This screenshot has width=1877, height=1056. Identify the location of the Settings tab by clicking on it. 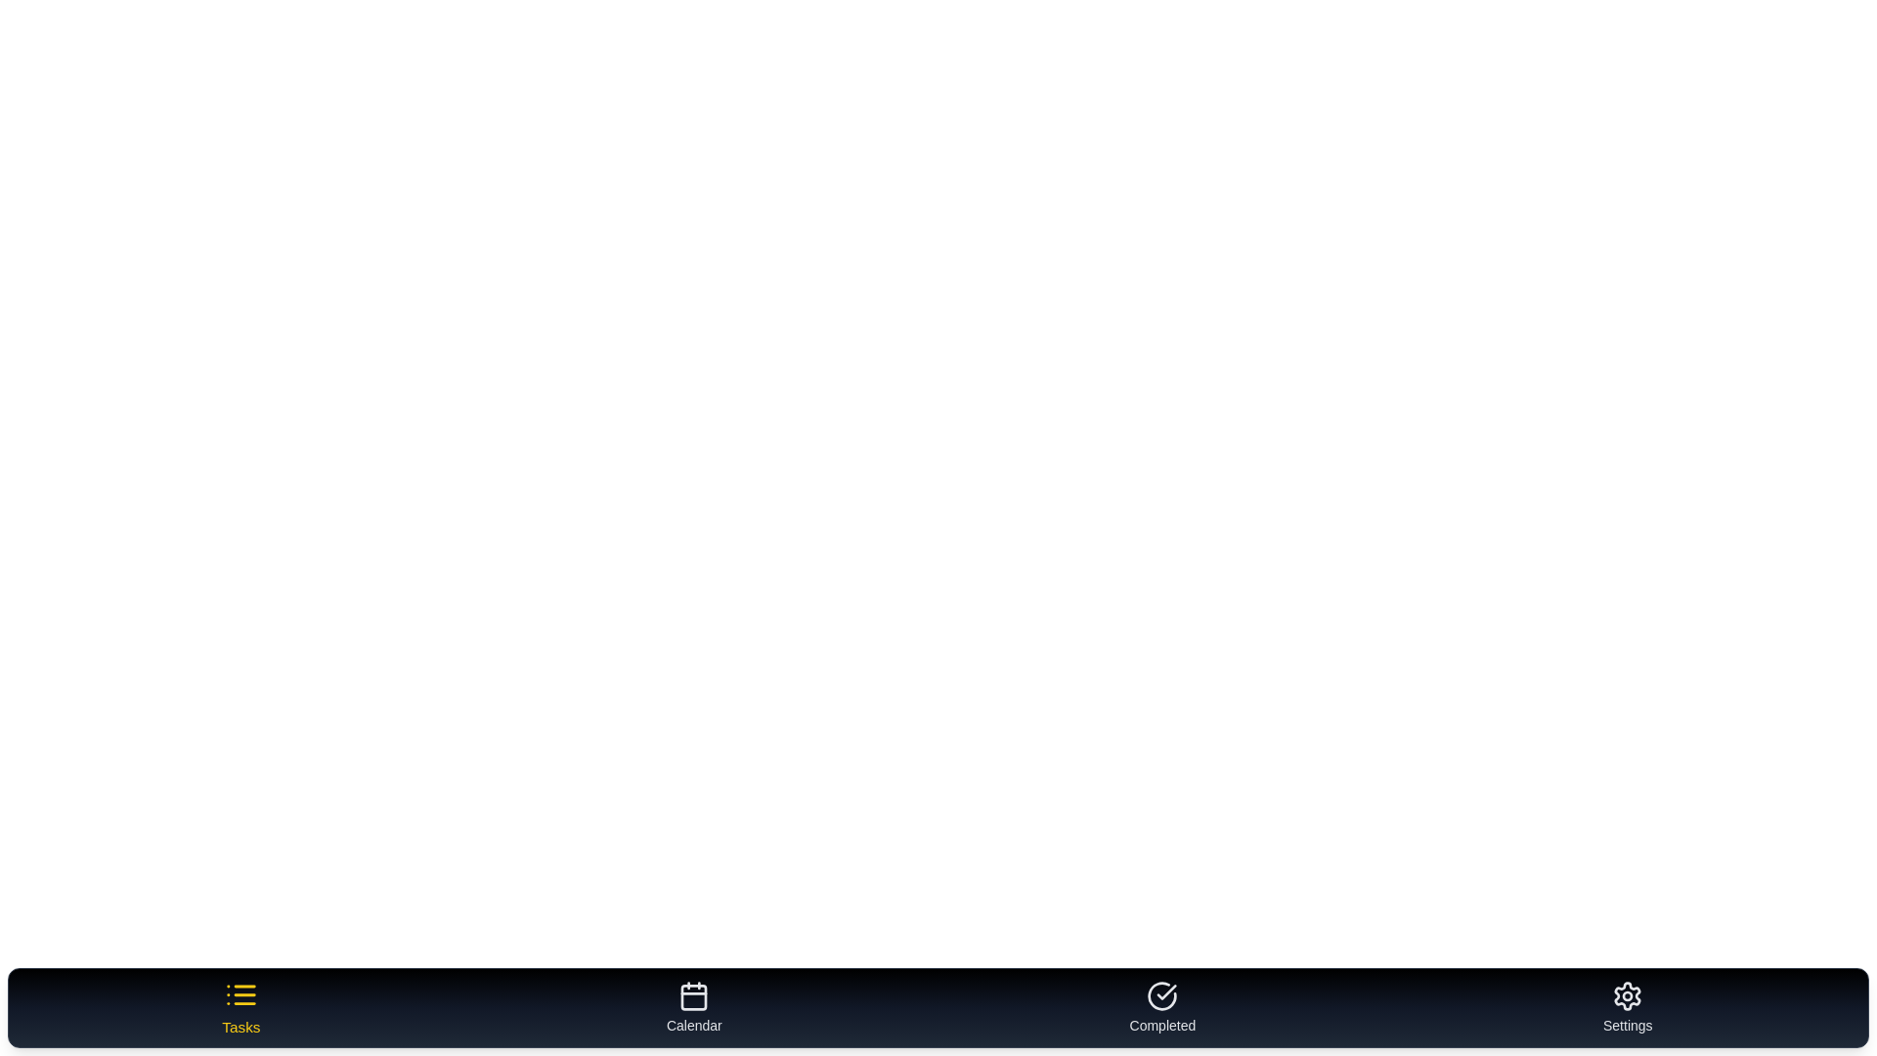
(1628, 1007).